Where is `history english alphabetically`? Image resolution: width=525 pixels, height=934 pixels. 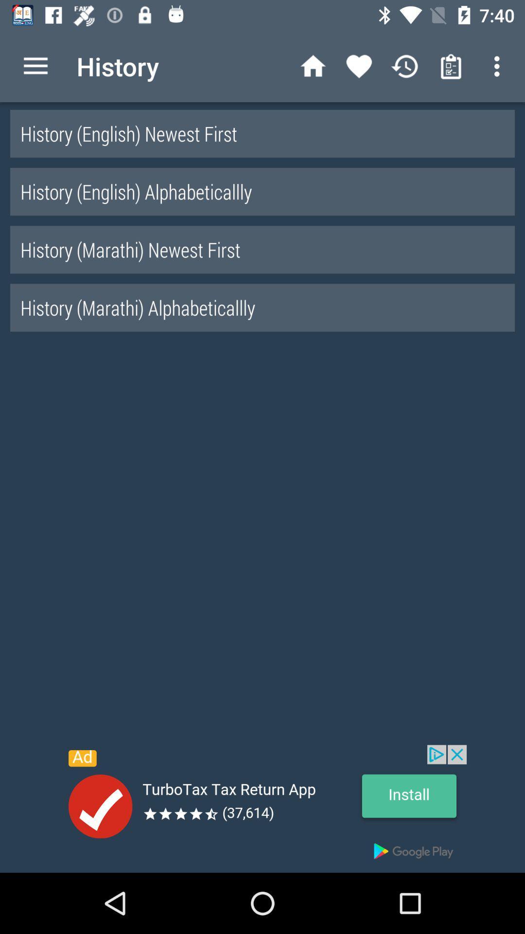
history english alphabetically is located at coordinates (262, 191).